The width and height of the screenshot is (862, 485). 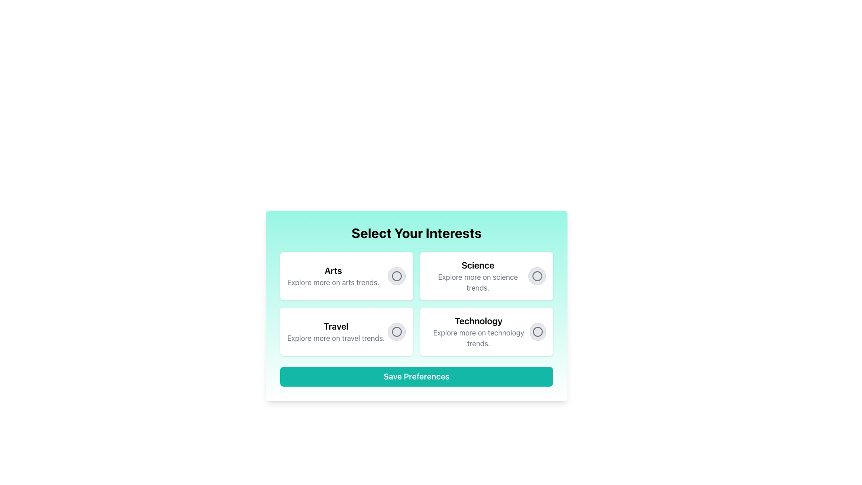 I want to click on the finalize and submit button located below the grid of selectable options, so click(x=416, y=377).